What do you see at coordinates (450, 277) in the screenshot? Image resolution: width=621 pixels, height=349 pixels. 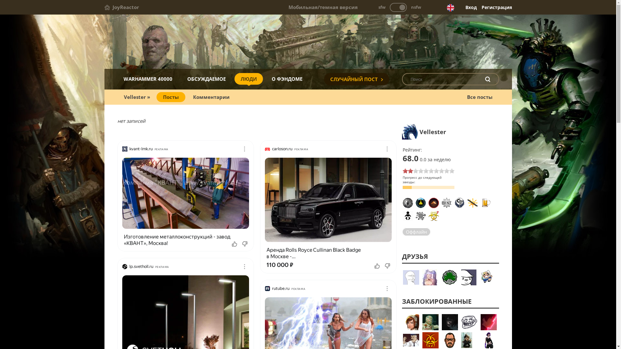 I see `'ShemRock'` at bounding box center [450, 277].